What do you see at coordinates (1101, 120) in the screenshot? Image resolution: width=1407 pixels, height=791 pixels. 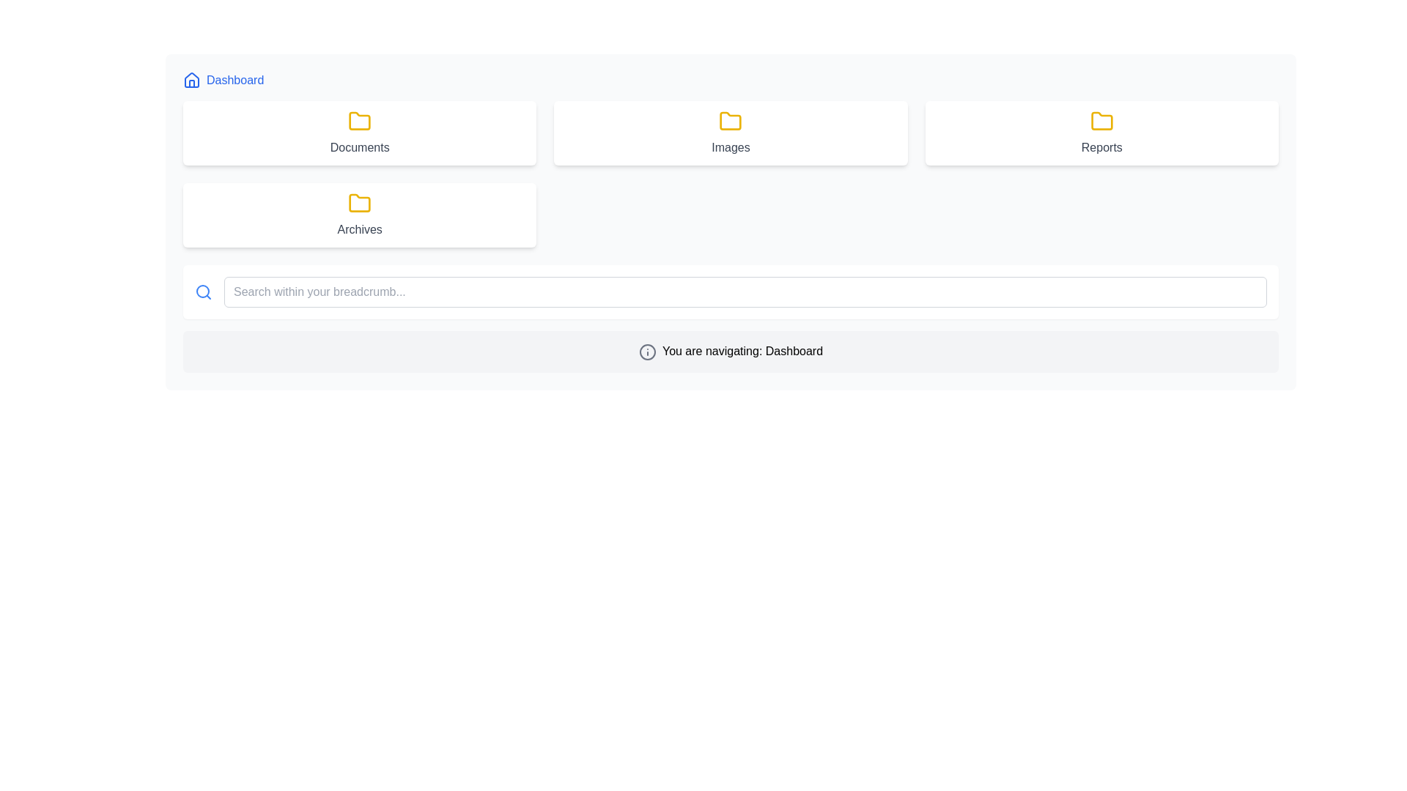 I see `the folder icon located in the fourth card labeled 'Reports', which serves as a navigation option related to reports` at bounding box center [1101, 120].